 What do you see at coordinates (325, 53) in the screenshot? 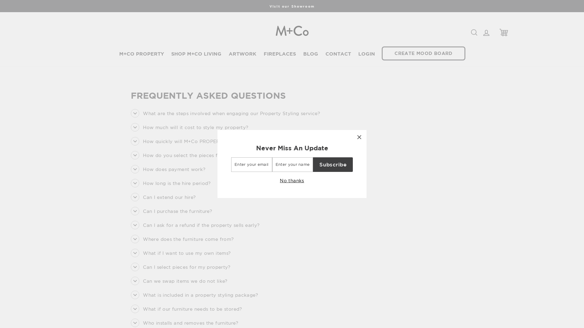
I see `'CONTACT'` at bounding box center [325, 53].